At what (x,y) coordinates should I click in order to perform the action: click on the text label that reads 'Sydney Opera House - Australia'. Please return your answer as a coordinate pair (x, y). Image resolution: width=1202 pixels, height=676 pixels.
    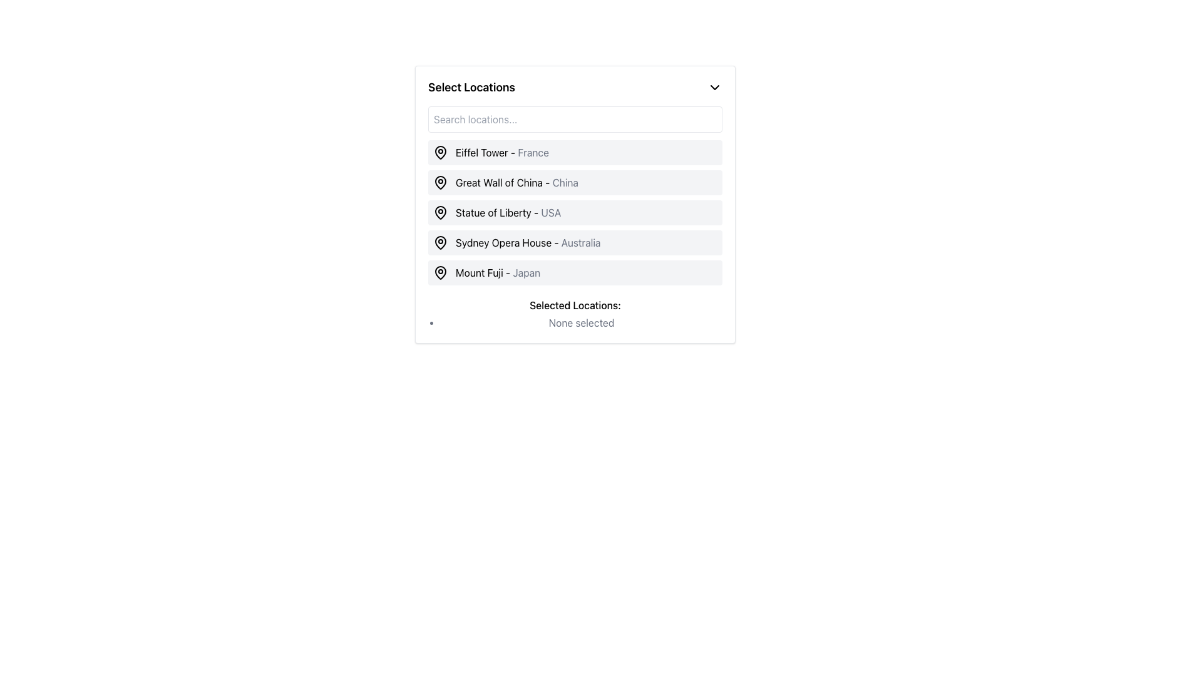
    Looking at the image, I should click on (528, 243).